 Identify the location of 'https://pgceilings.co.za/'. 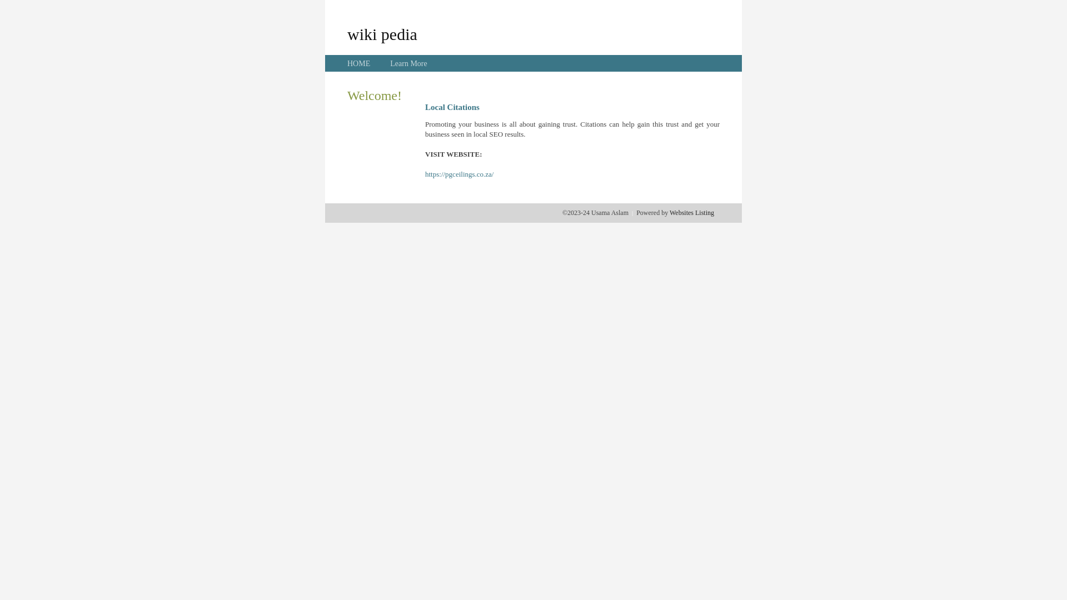
(459, 174).